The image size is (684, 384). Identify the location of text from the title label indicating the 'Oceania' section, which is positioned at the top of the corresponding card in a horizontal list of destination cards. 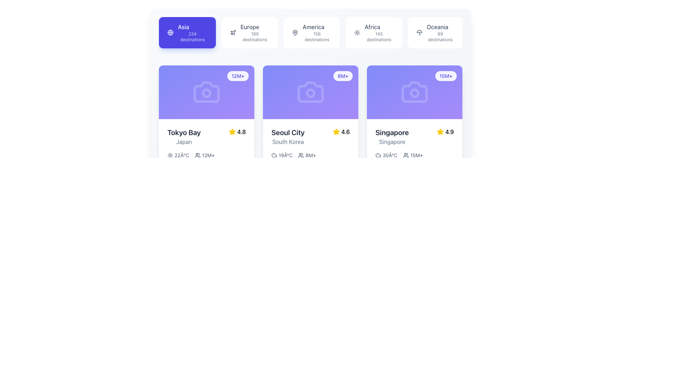
(437, 27).